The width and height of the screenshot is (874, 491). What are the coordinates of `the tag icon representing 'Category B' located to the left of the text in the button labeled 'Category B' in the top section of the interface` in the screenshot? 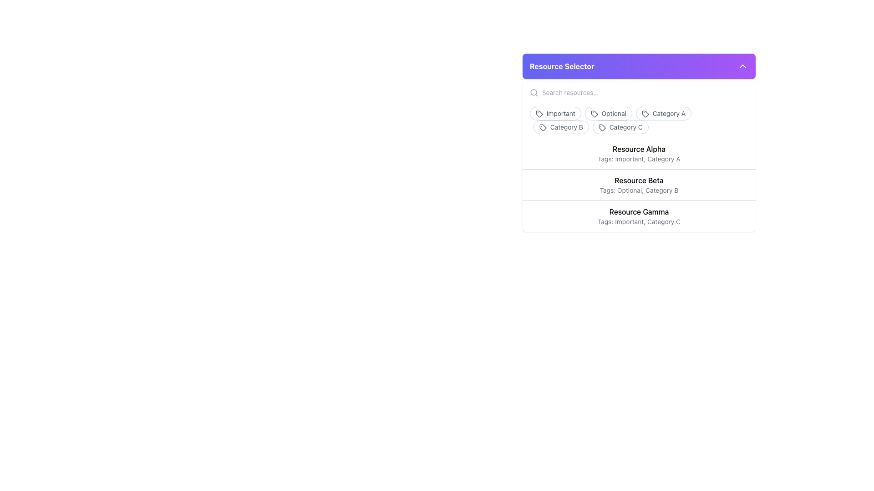 It's located at (543, 128).